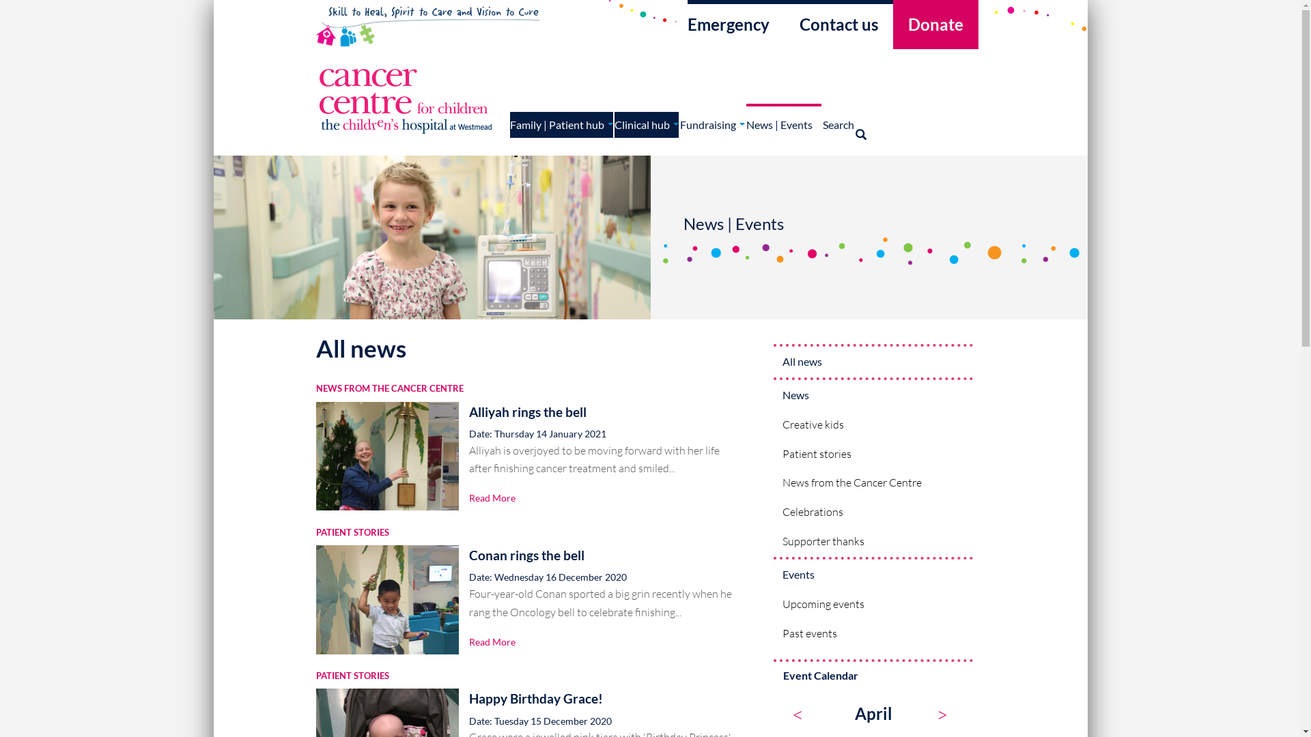 The image size is (1311, 737). What do you see at coordinates (645, 124) in the screenshot?
I see `'Clinical hub'` at bounding box center [645, 124].